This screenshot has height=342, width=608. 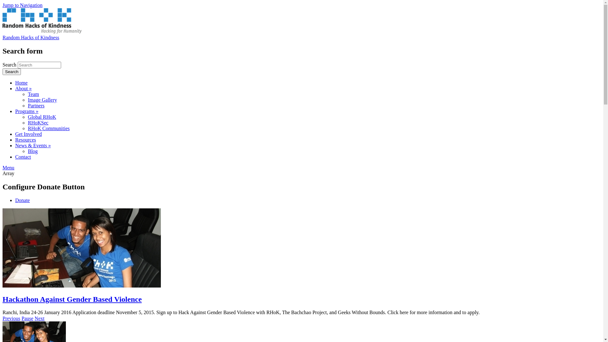 I want to click on 'Search', so click(x=12, y=71).